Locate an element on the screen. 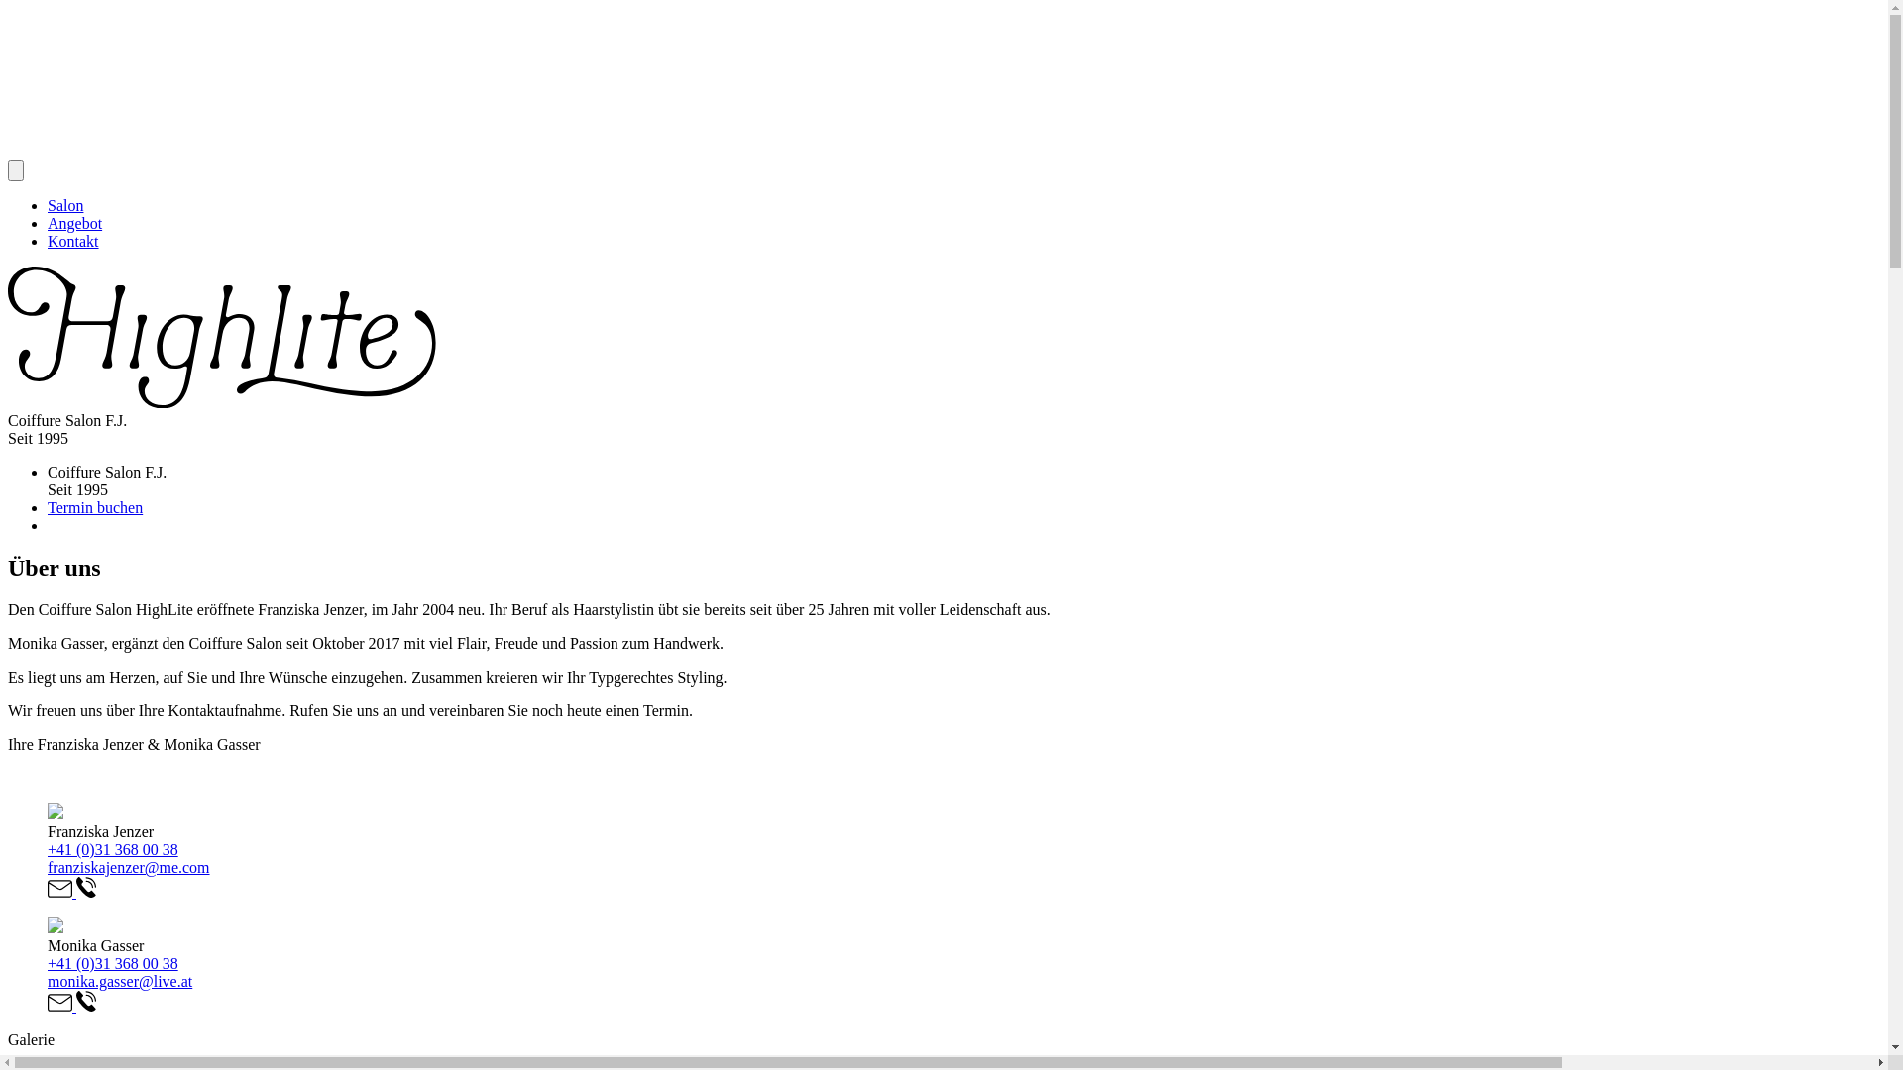 The image size is (1903, 1070). '+41 (0)31 368 00 38' is located at coordinates (48, 848).